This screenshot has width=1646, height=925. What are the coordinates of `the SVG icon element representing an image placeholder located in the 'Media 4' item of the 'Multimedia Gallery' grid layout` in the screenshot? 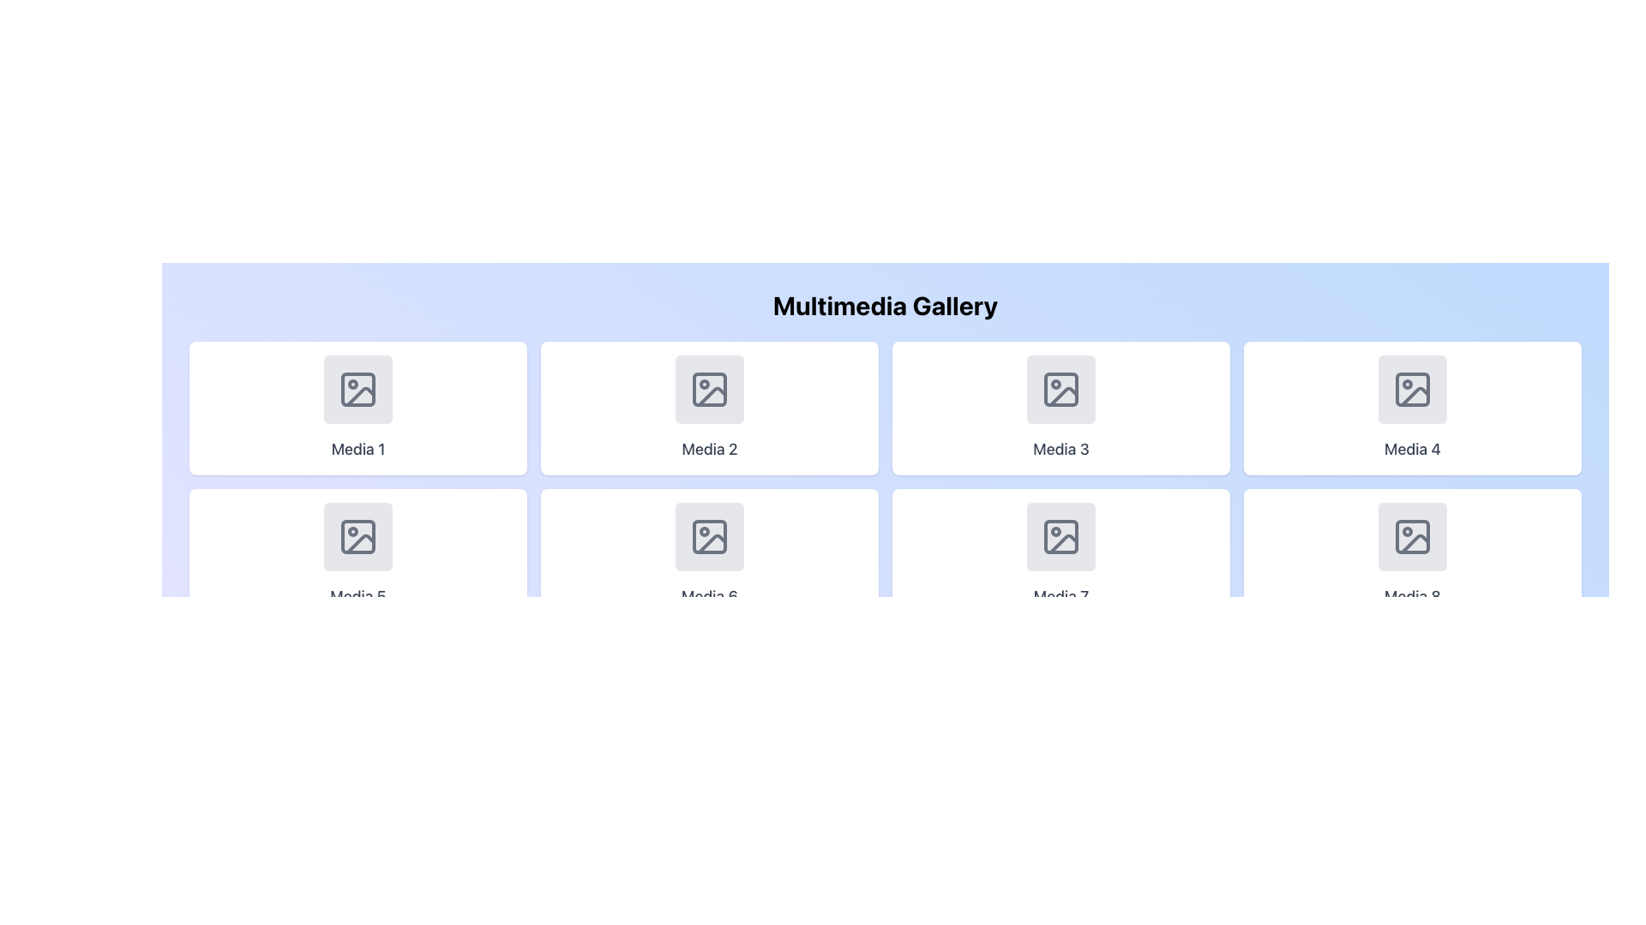 It's located at (1412, 390).